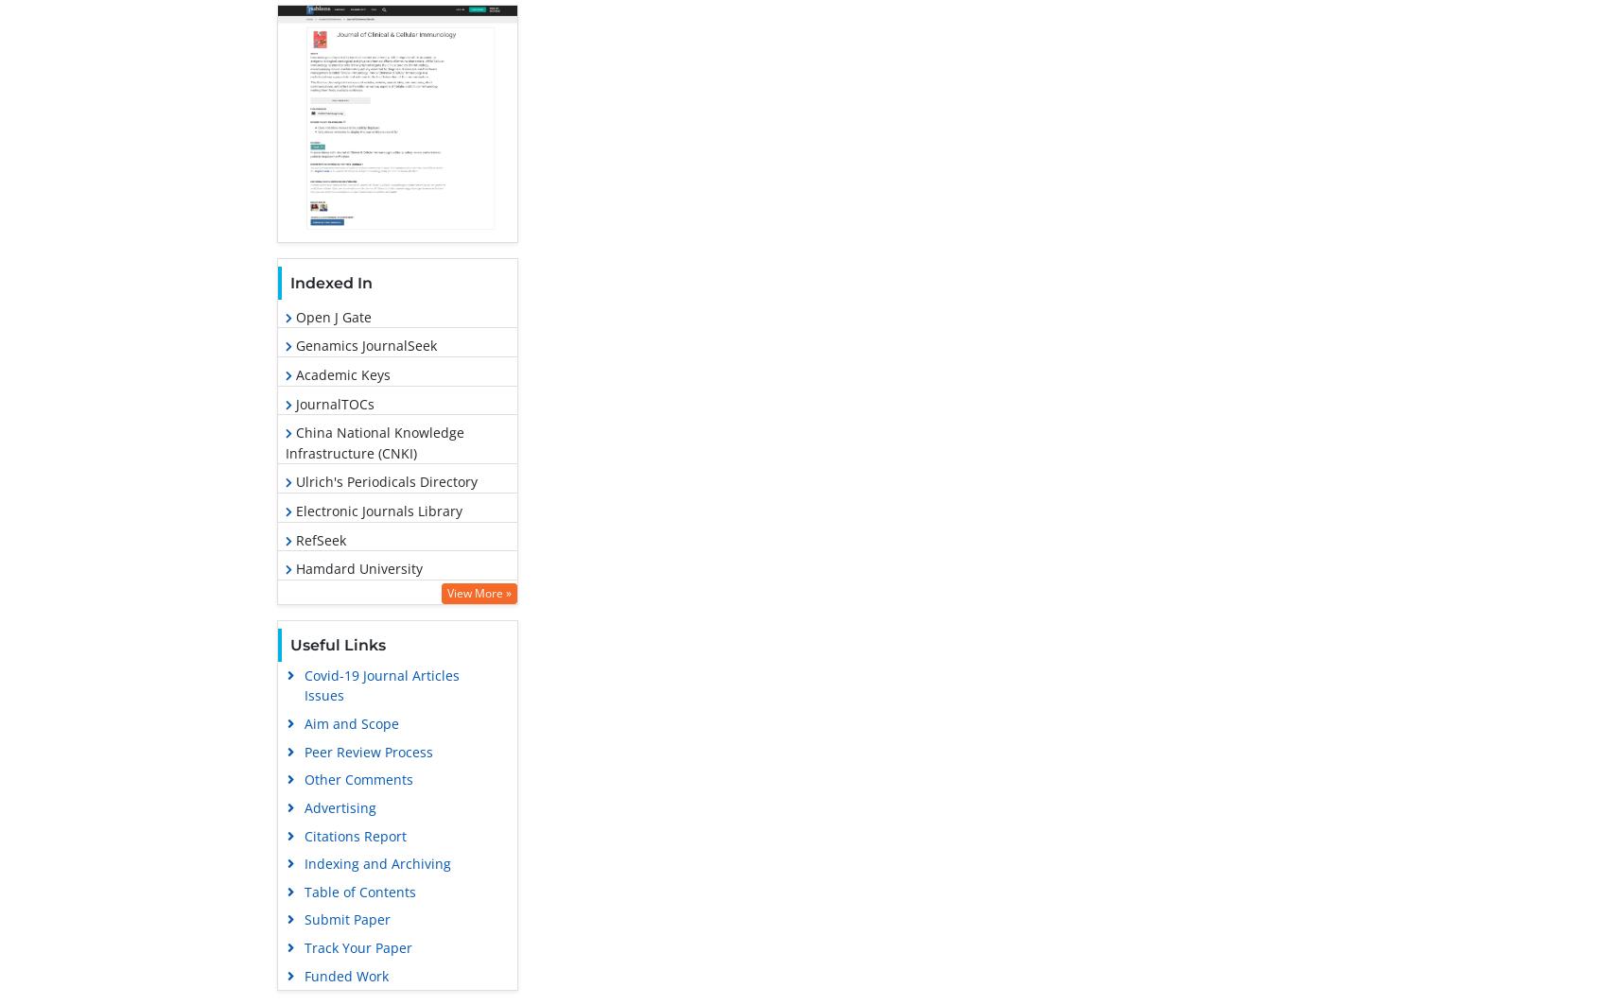 The width and height of the screenshot is (1603, 1005). Describe the element at coordinates (362, 345) in the screenshot. I see `'Genamics JournalSeek'` at that location.